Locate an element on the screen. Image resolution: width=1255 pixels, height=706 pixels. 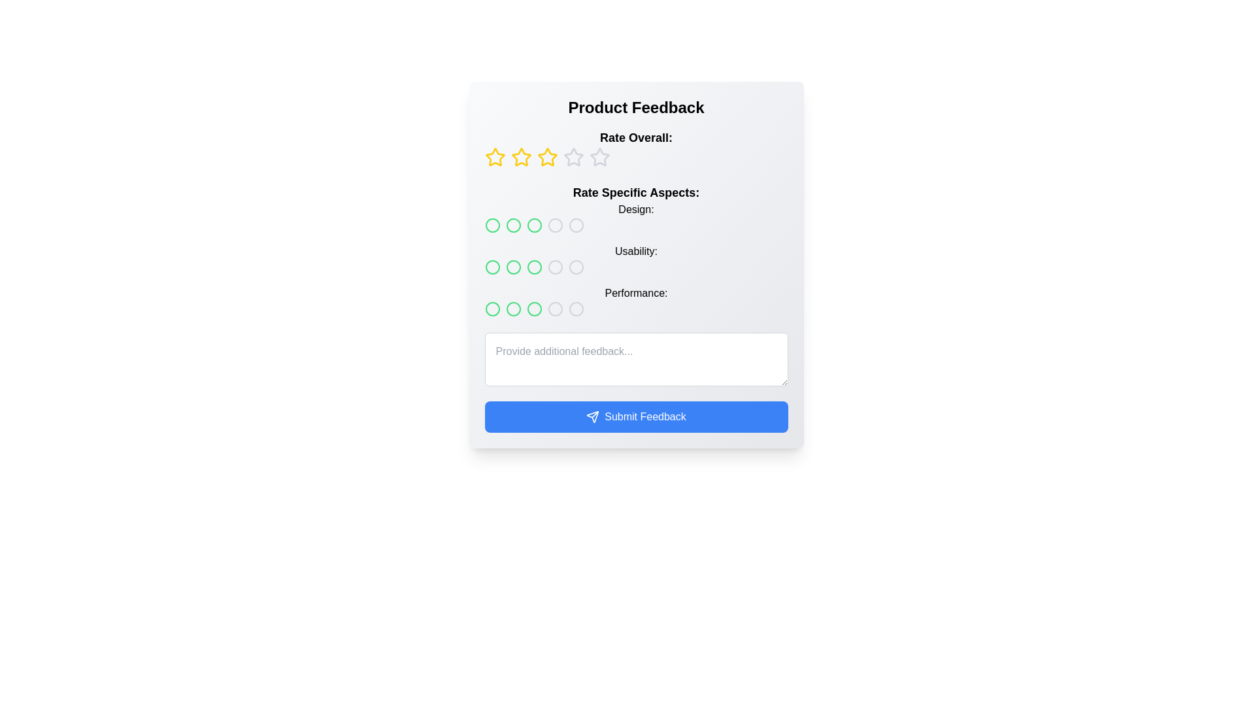
the fourth circle button in the horizontal rating row for the 'Usability' attribute is located at coordinates (575, 266).